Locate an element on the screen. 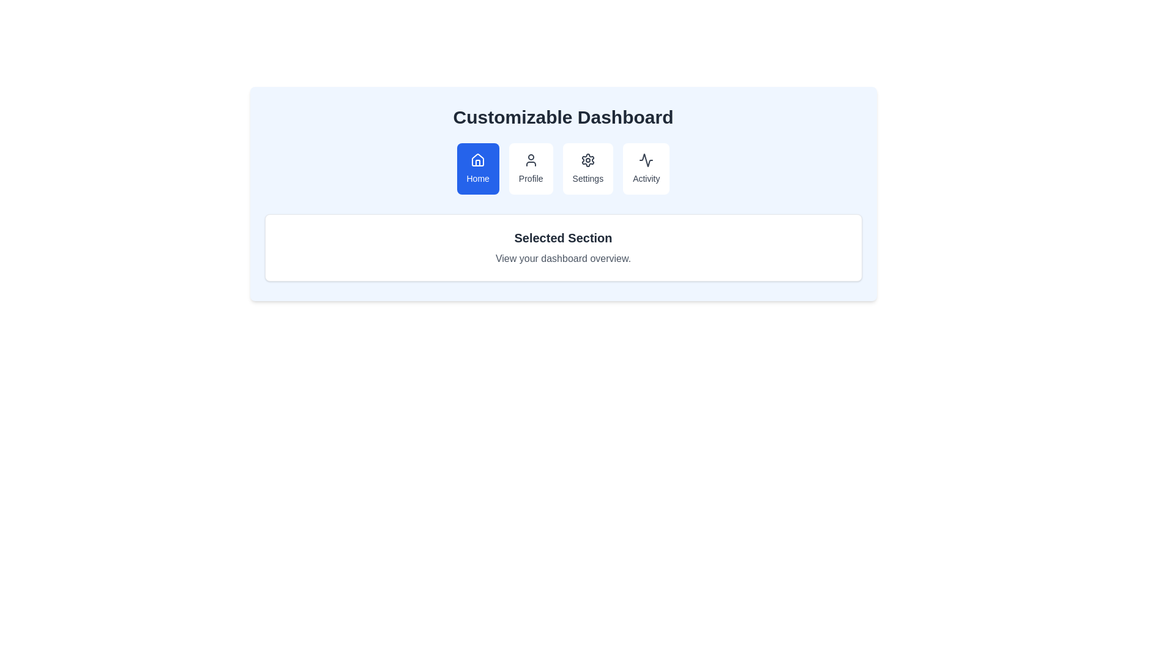  text label 'Profile' which is styled with a medium font size and dark gray color, located below the user silhouette icon in a box with rounded corners is located at coordinates (531, 179).